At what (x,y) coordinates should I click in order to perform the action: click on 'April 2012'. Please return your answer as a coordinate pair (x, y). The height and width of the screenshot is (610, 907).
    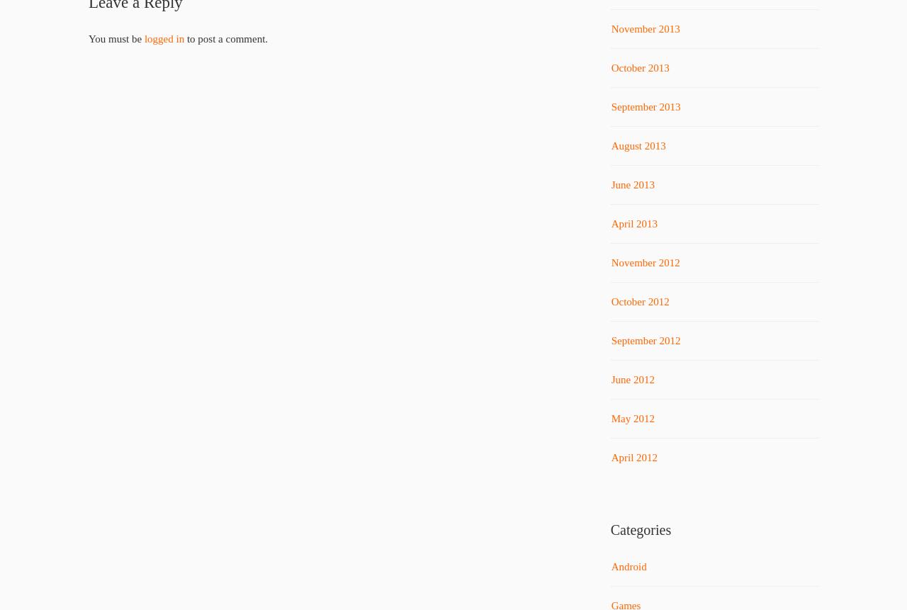
    Looking at the image, I should click on (633, 458).